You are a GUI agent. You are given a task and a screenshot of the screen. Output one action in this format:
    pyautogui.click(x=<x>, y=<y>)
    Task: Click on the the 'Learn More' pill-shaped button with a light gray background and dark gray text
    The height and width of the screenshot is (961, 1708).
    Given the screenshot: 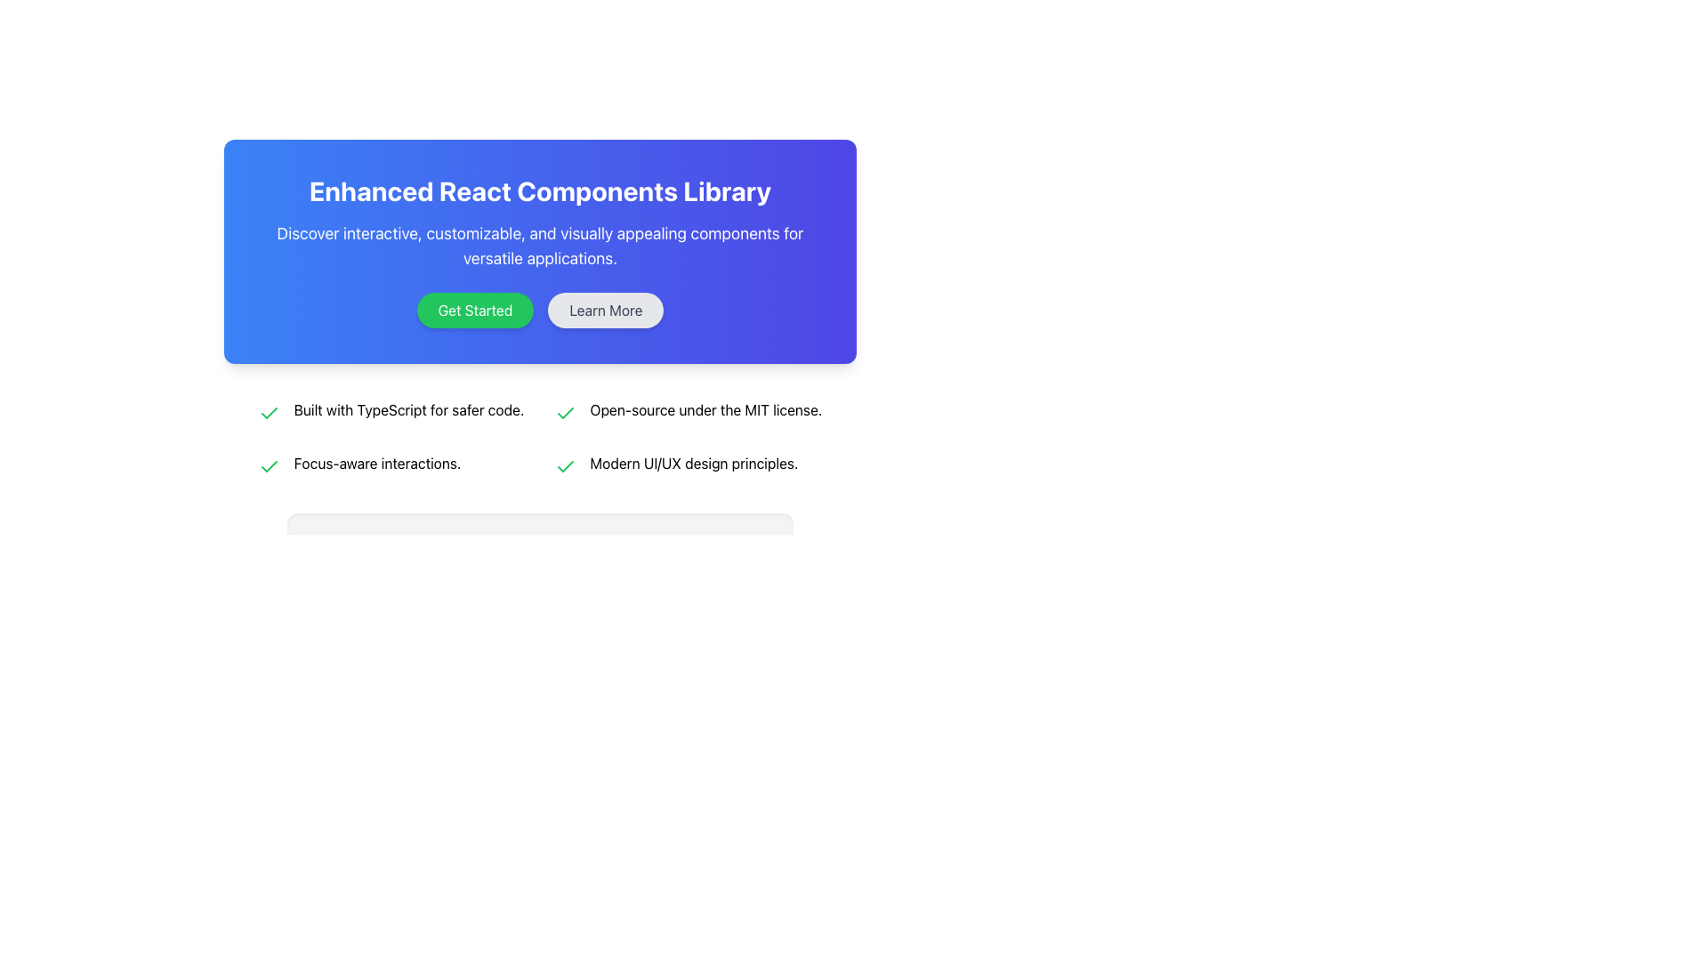 What is the action you would take?
    pyautogui.click(x=606, y=309)
    